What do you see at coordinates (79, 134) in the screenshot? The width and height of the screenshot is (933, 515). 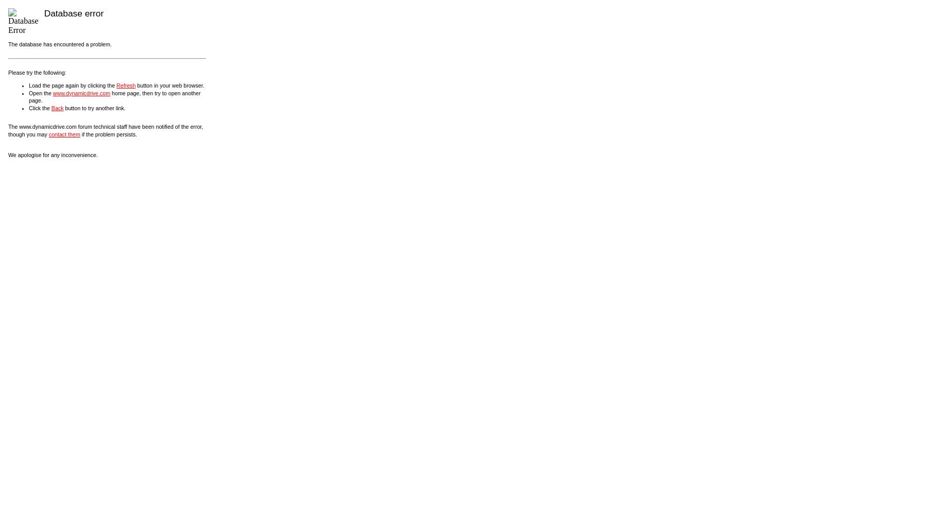 I see `'if the problem persists.'` at bounding box center [79, 134].